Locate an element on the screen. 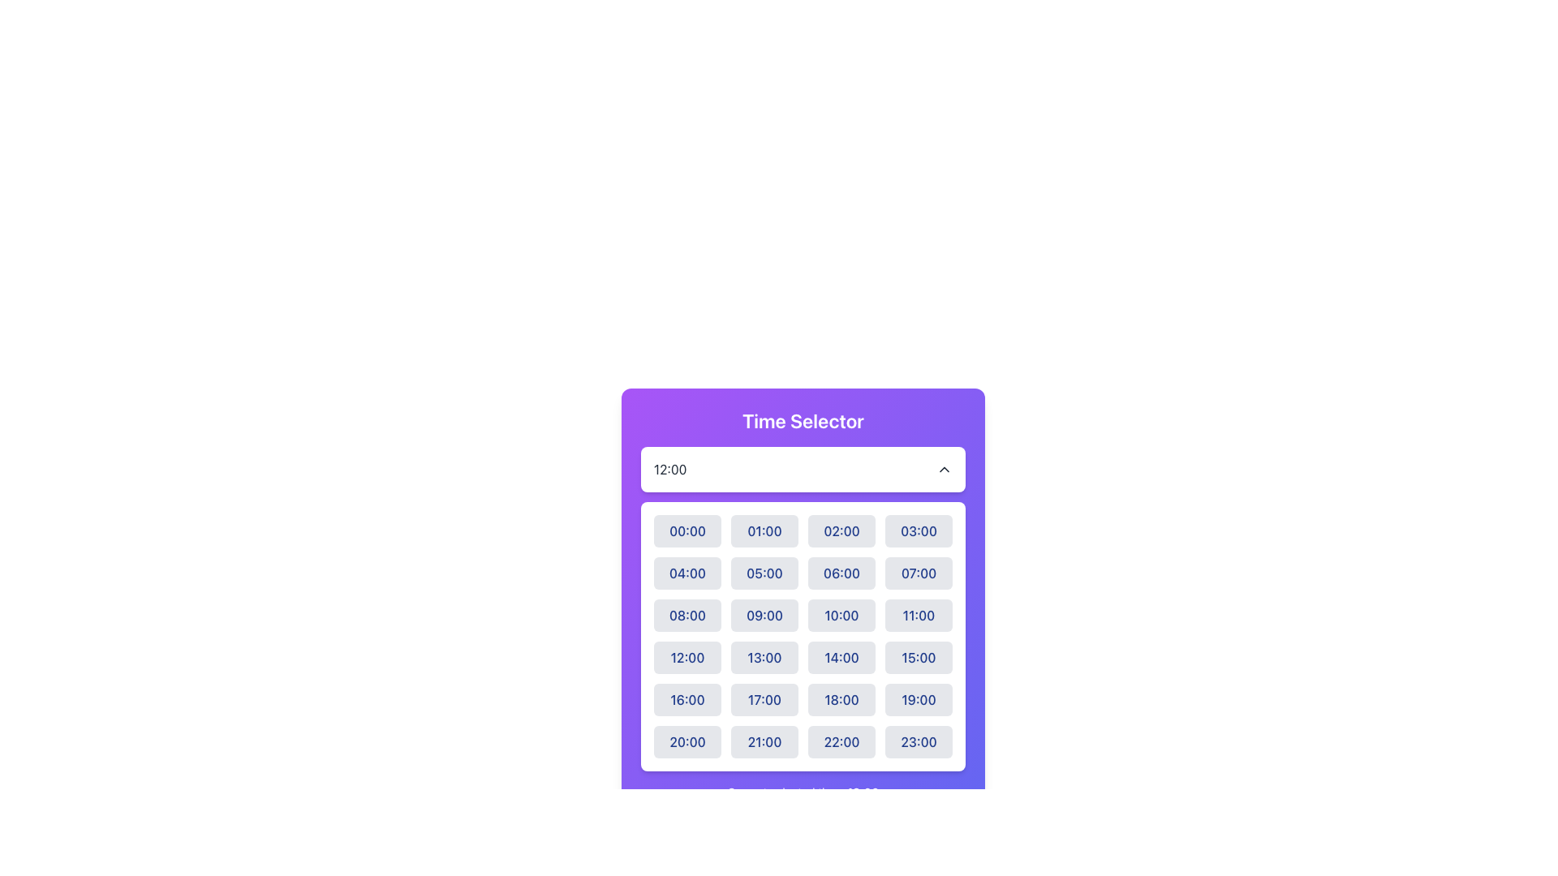 This screenshot has width=1558, height=876. the interactive button representing the time option '10:00' in the time selection interface is located at coordinates (803, 603).